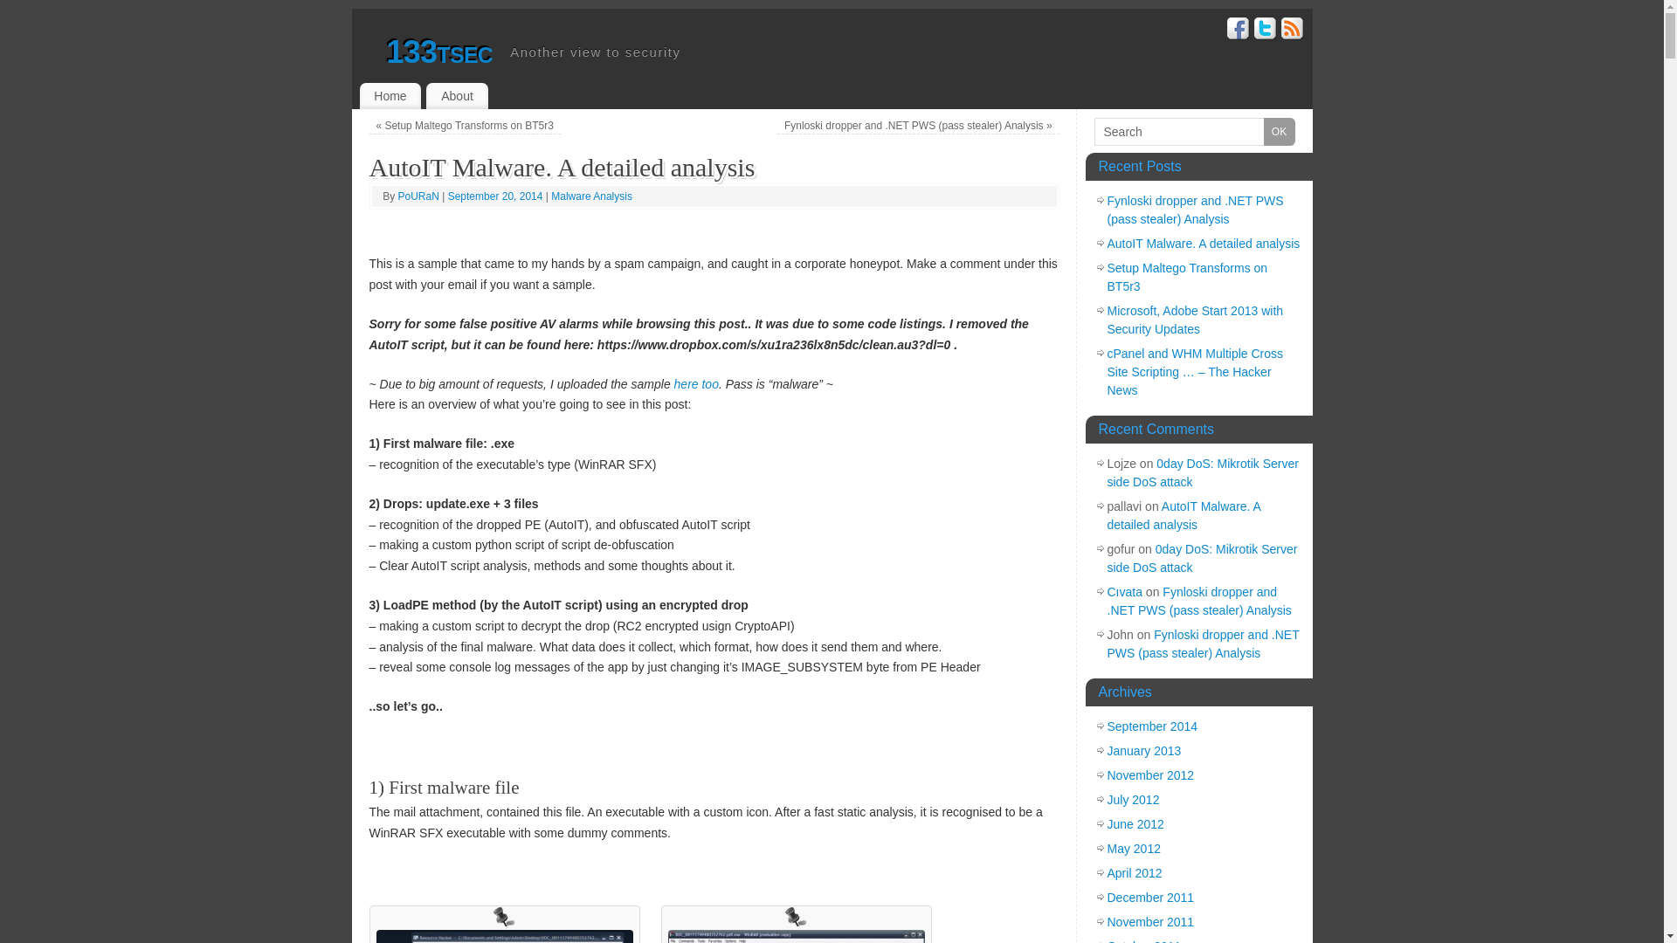 The height and width of the screenshot is (943, 1677). I want to click on '133tsec', so click(439, 52).